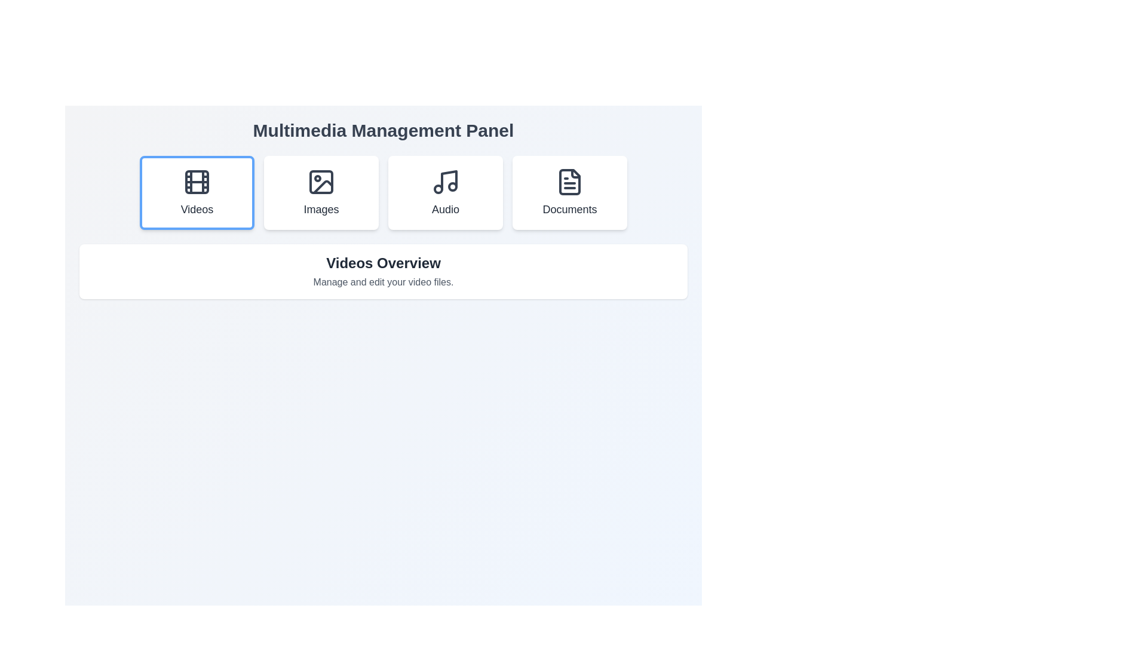  What do you see at coordinates (197, 192) in the screenshot?
I see `the 'Videos' button, which is the first card in the Multimedia Management Panel, featuring a film roll icon and a bold text label 'Videos', to activate the visual emphasis effect` at bounding box center [197, 192].